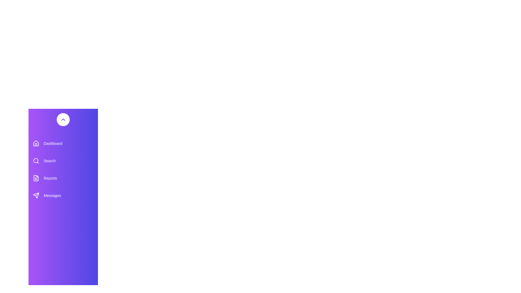 The image size is (521, 293). I want to click on the upward chevron icon contained within the circular button at the top of the vertical menu panel, so click(63, 119).